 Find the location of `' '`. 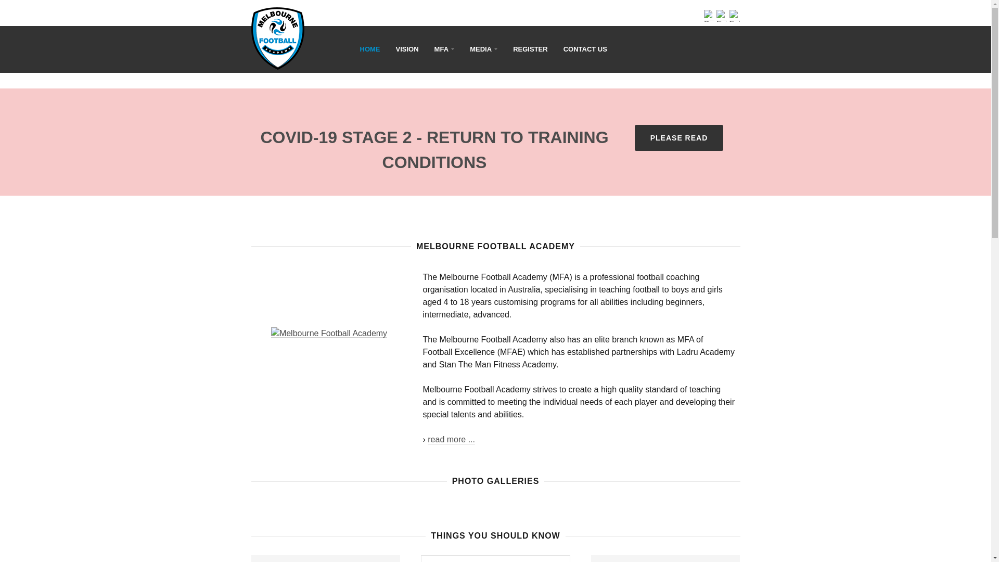

' ' is located at coordinates (316, 31).